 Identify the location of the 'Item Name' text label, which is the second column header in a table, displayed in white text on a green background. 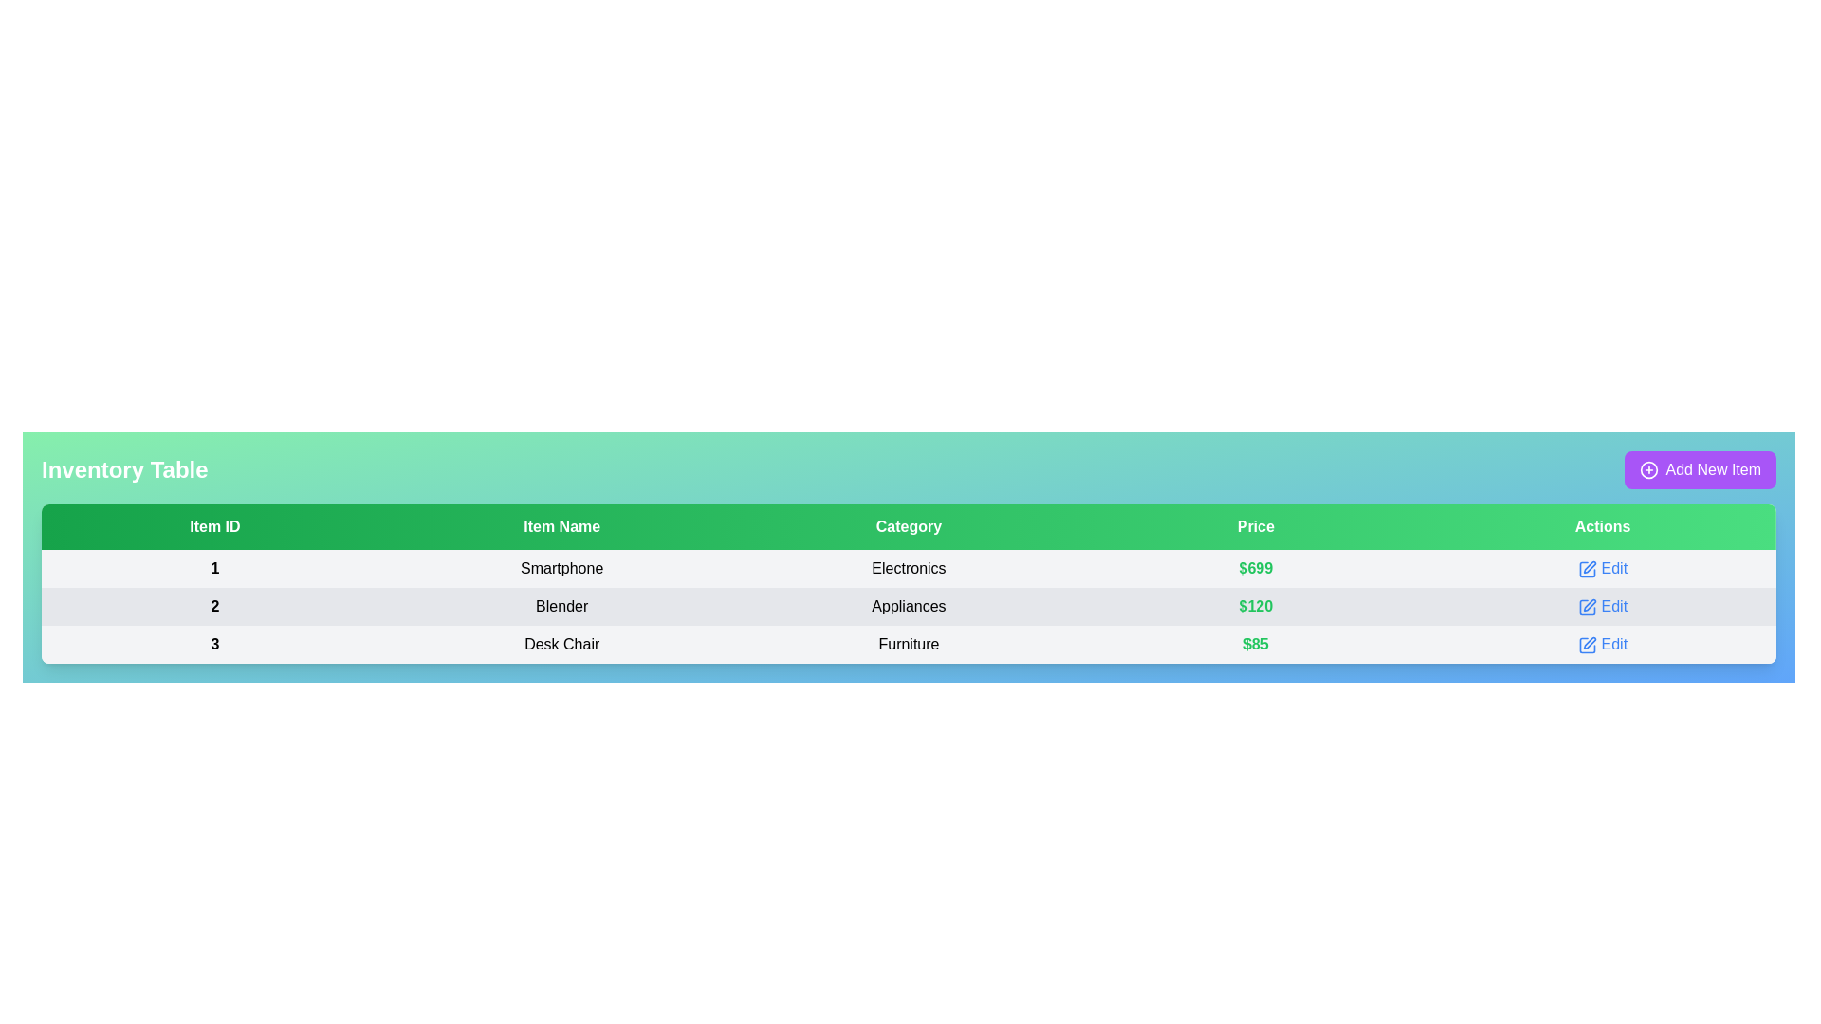
(561, 526).